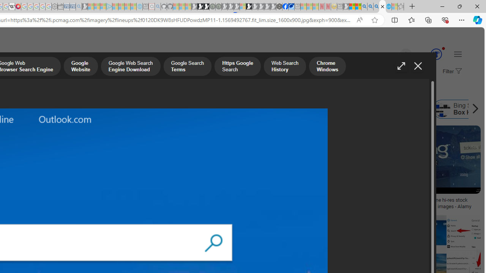 The width and height of the screenshot is (486, 273). What do you see at coordinates (66, 109) in the screenshot?
I see `'Bing Best Search Engine'` at bounding box center [66, 109].